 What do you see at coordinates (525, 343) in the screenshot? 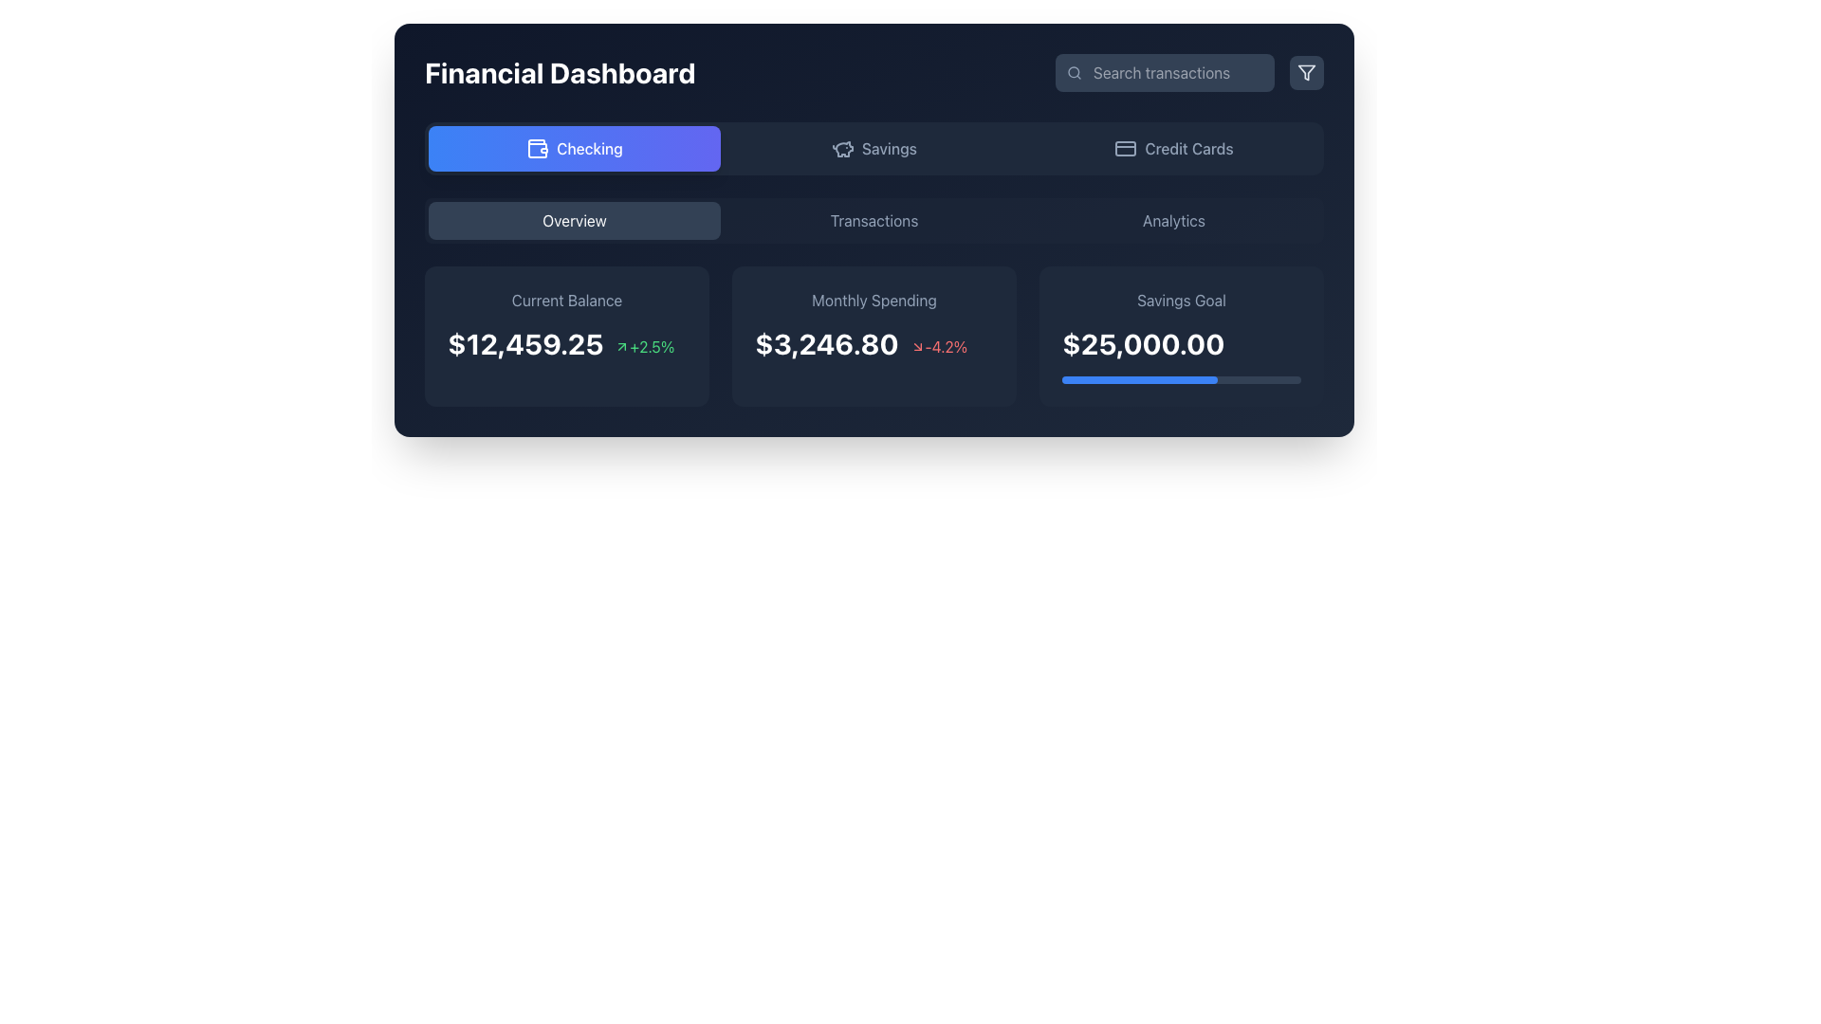
I see `displayed current balance value for the 'Checking' account, which is located in the leftmost section of the financial metrics row below the 'Current Balance' label` at bounding box center [525, 343].